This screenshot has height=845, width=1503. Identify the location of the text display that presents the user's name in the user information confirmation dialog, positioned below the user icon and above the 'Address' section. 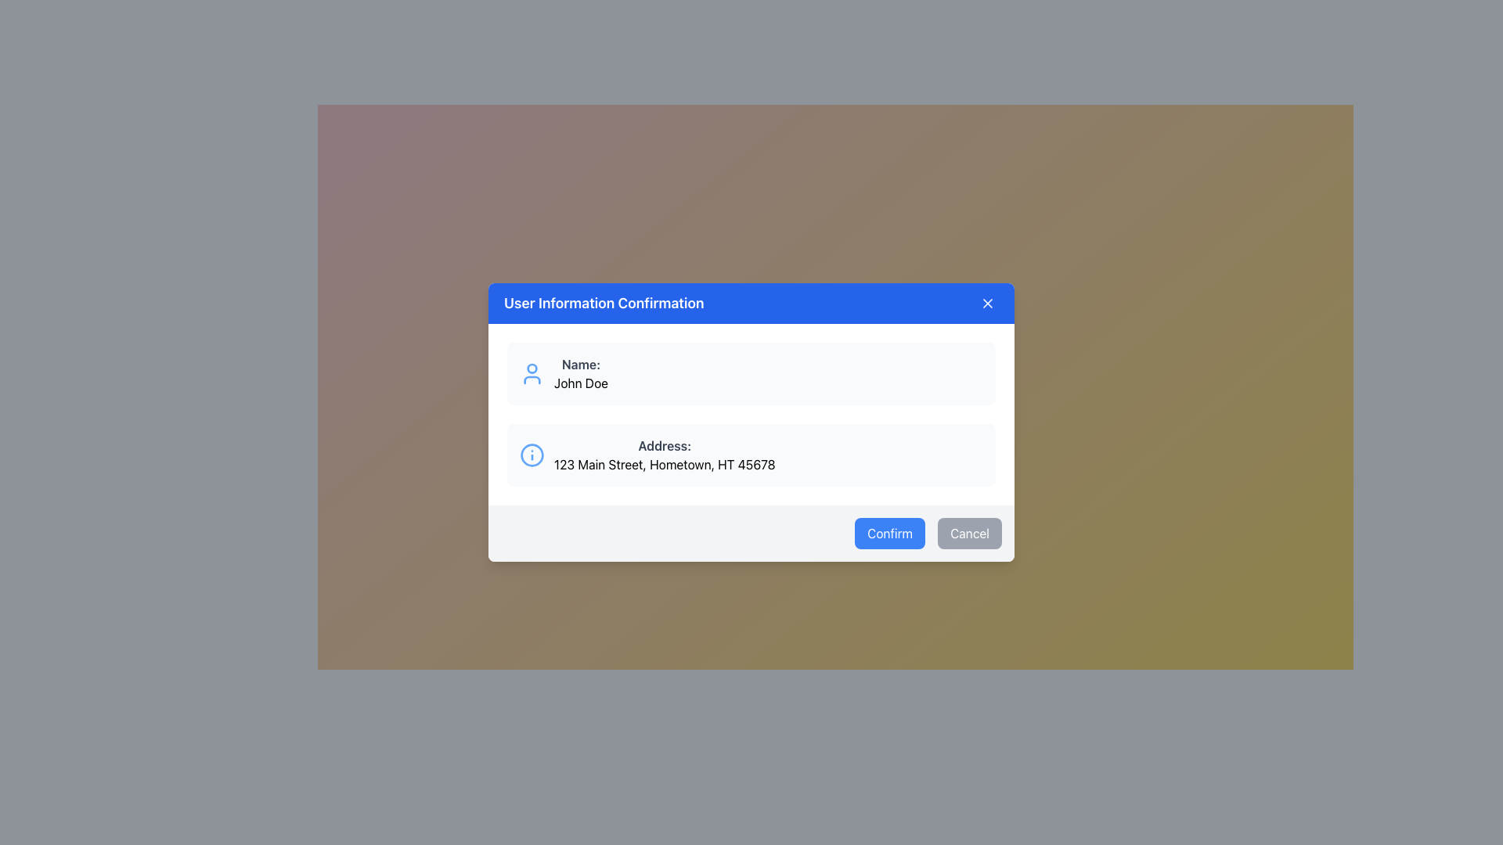
(580, 374).